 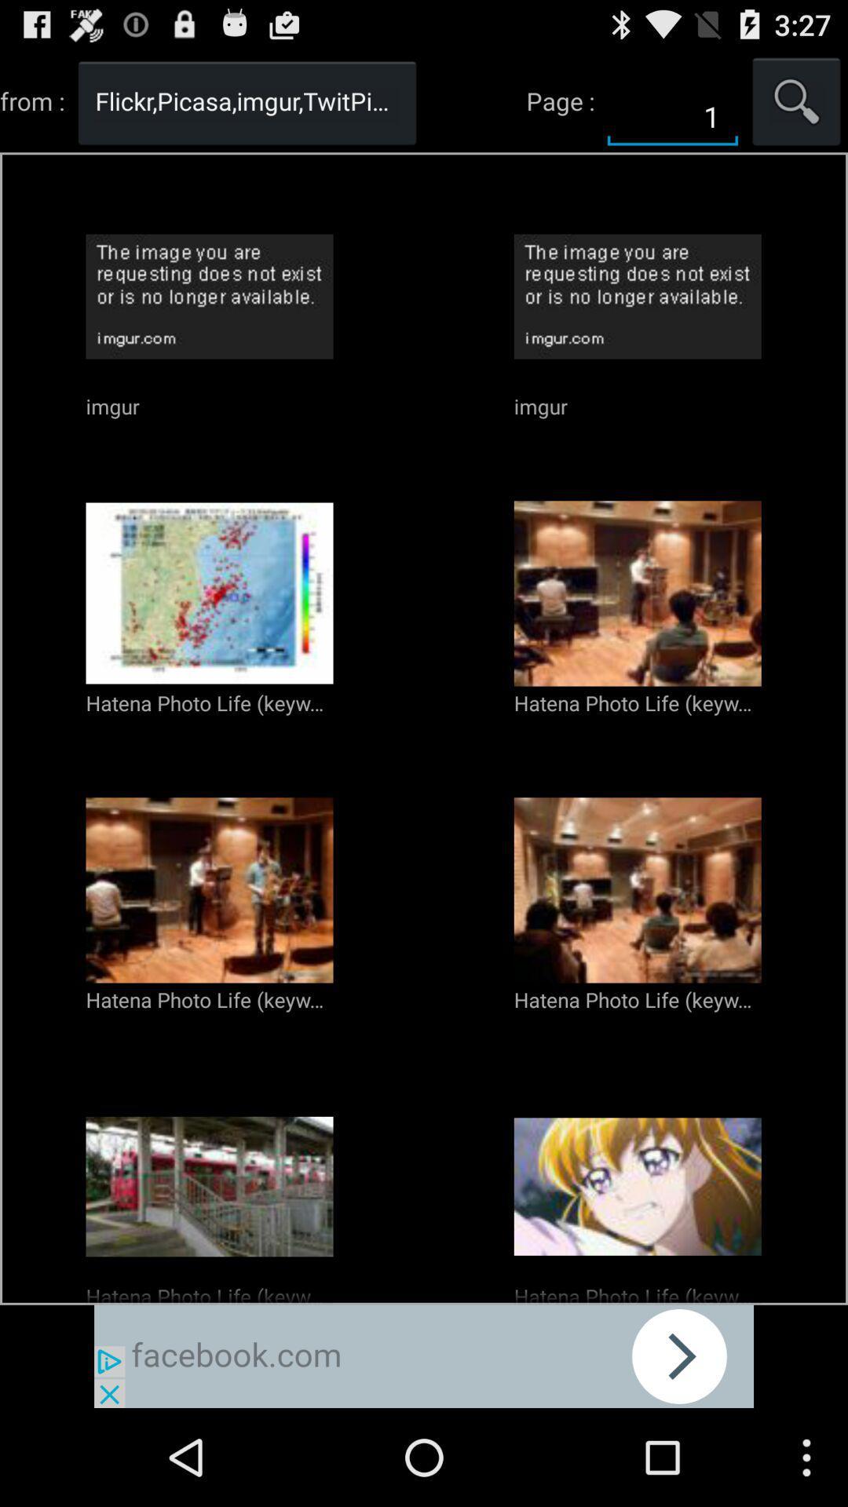 I want to click on seatch the page, so click(x=796, y=100).